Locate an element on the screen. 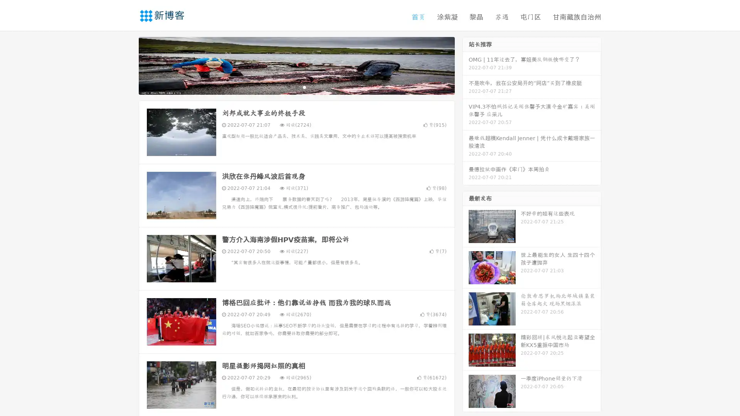 The width and height of the screenshot is (740, 416). Next slide is located at coordinates (466, 65).